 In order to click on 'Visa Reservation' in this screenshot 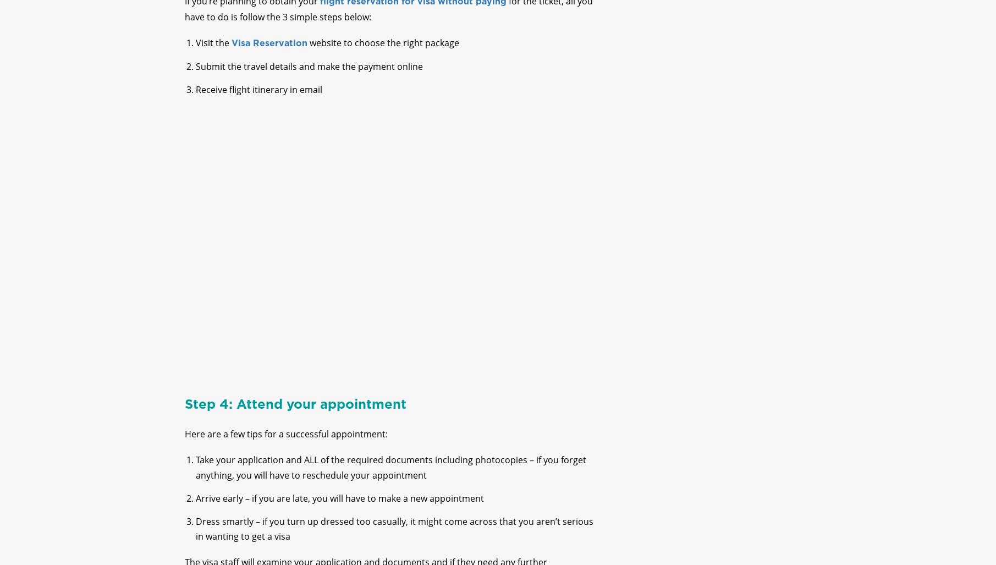, I will do `click(268, 52)`.